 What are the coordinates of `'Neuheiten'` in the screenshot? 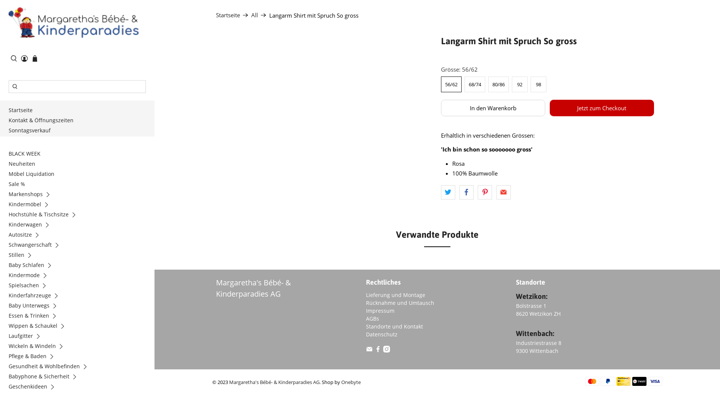 It's located at (23, 164).